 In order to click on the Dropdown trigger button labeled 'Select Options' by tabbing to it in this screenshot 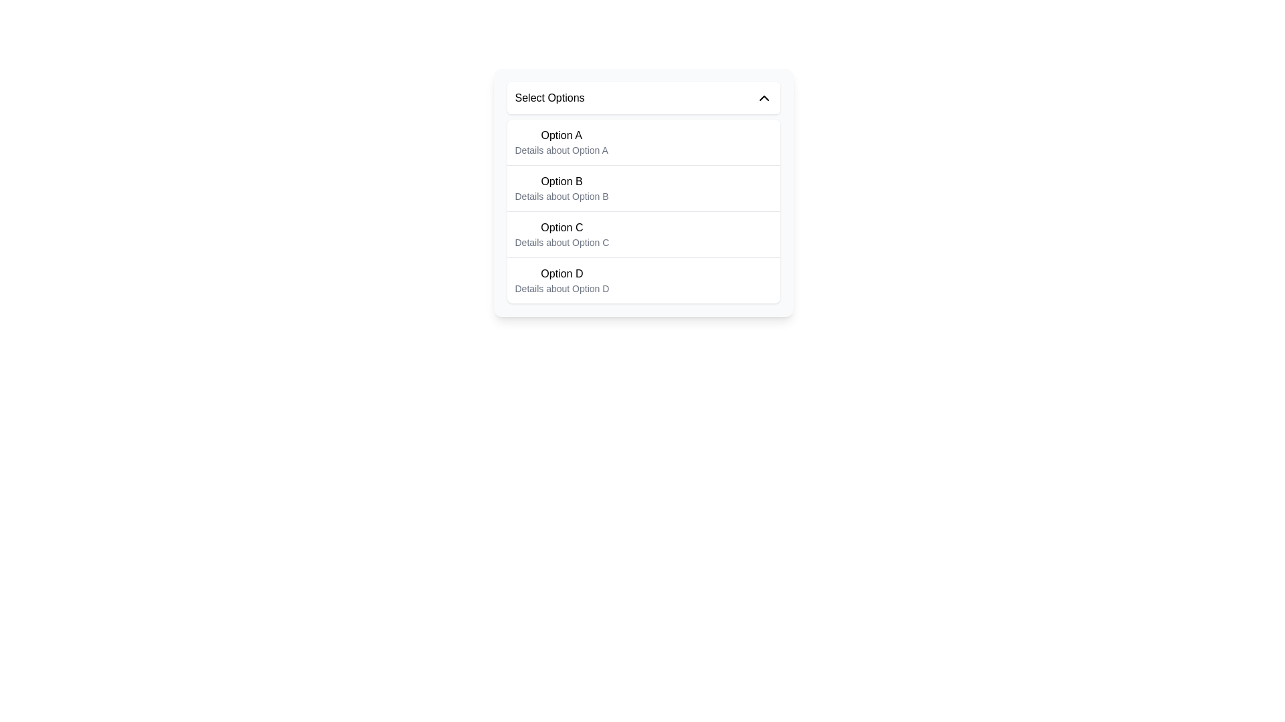, I will do `click(643, 97)`.